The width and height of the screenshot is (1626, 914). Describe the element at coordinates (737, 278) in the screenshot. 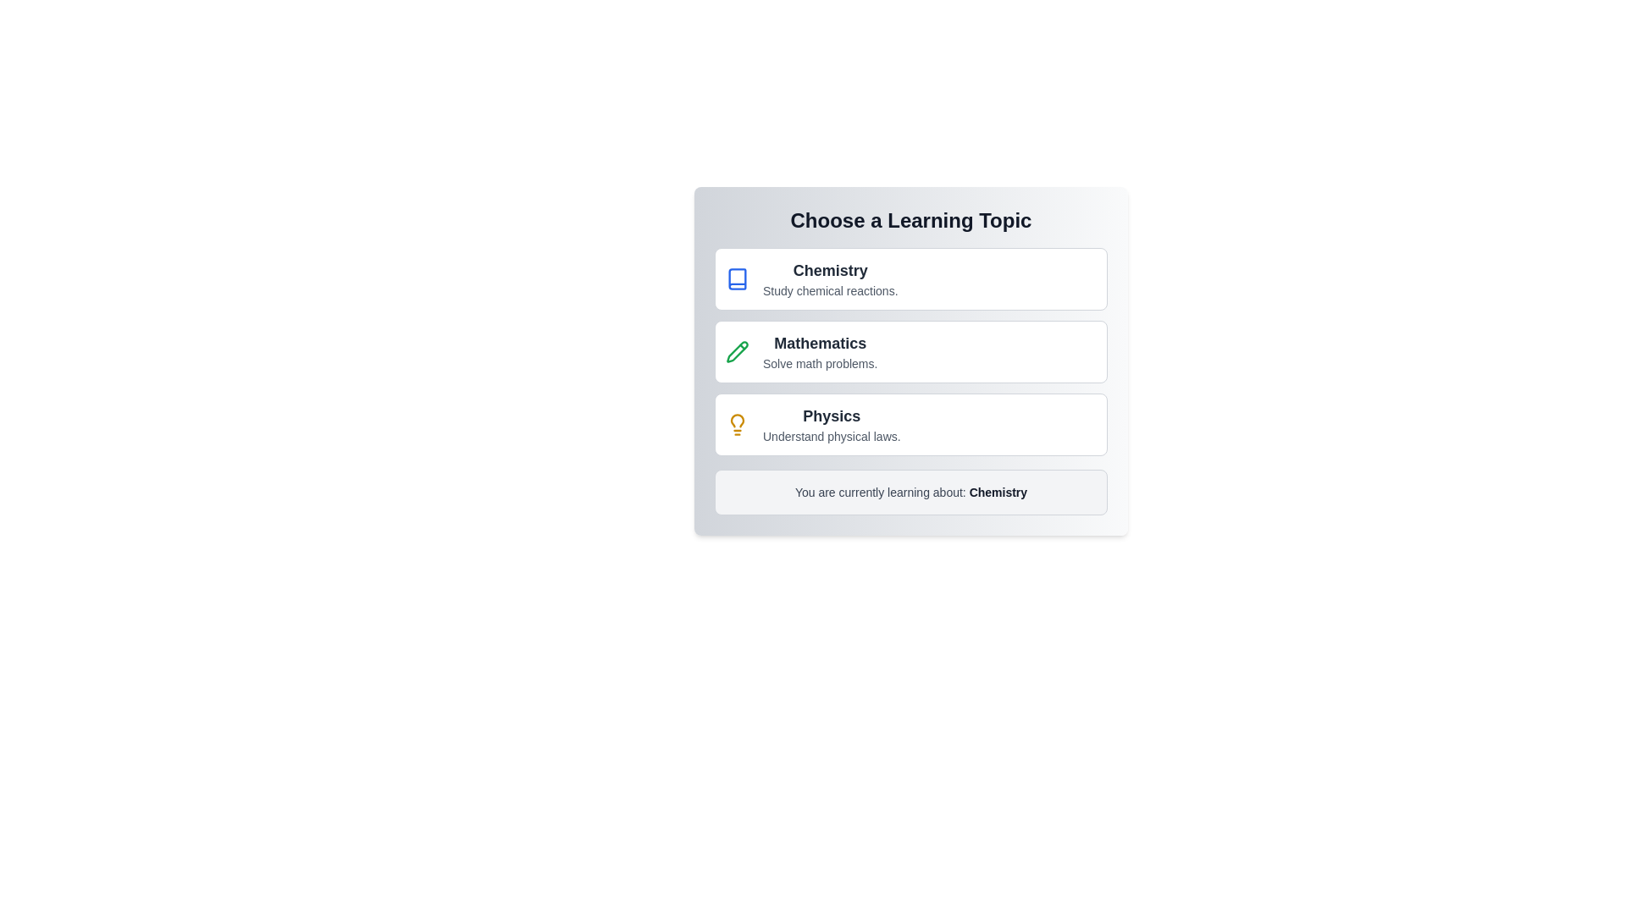

I see `the 'Chemistry' topic icon located on the left side of the option in the topic selection list` at that location.